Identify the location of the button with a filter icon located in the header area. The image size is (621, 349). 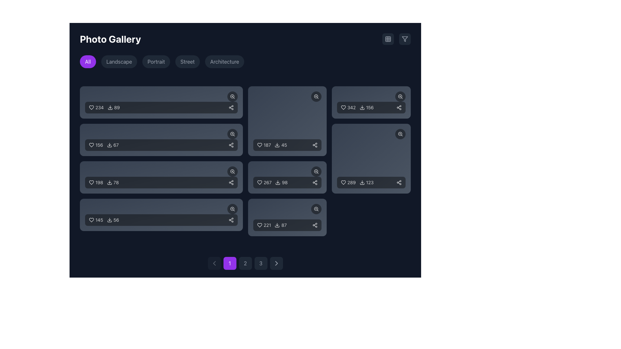
(405, 39).